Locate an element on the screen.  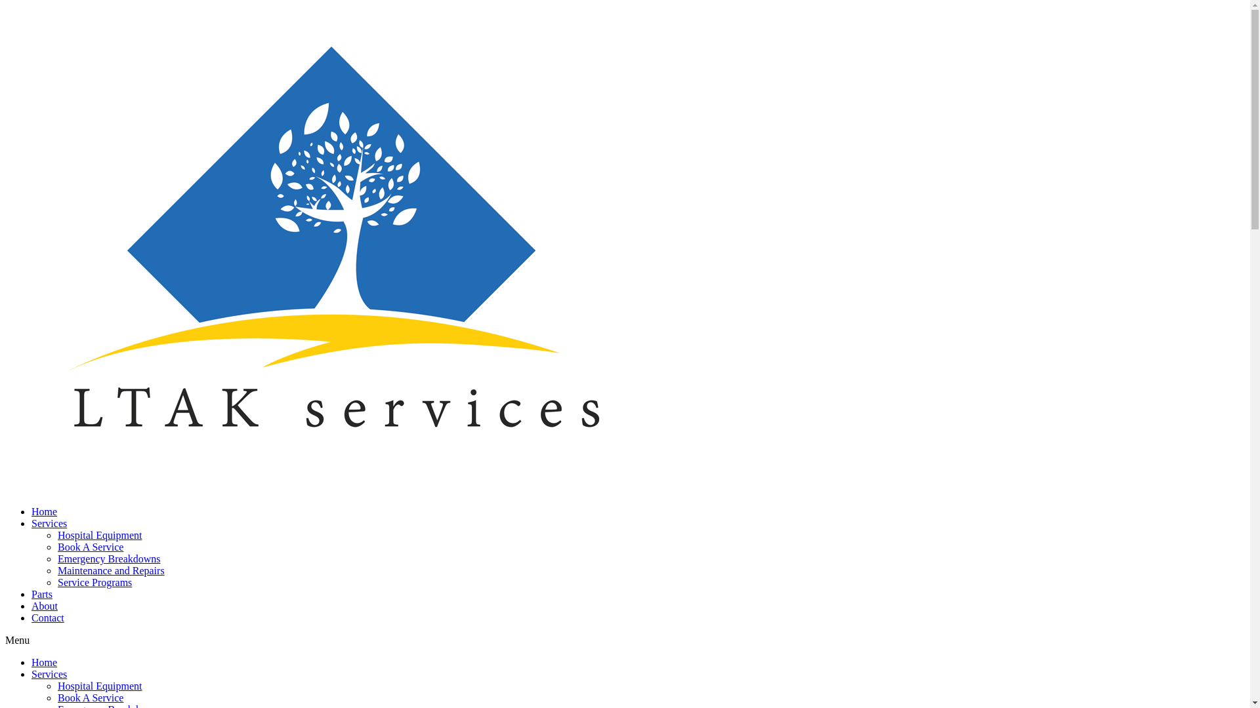
'Skip to content' is located at coordinates (5, 5).